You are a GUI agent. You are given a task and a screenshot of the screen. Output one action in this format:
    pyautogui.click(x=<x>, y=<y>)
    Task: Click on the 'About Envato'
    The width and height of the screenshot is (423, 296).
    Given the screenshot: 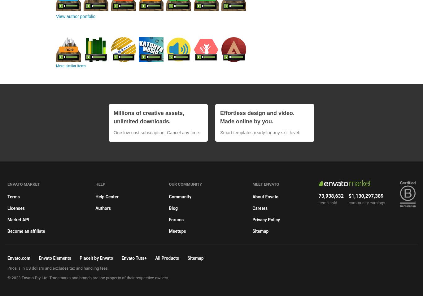 What is the action you would take?
    pyautogui.click(x=265, y=197)
    